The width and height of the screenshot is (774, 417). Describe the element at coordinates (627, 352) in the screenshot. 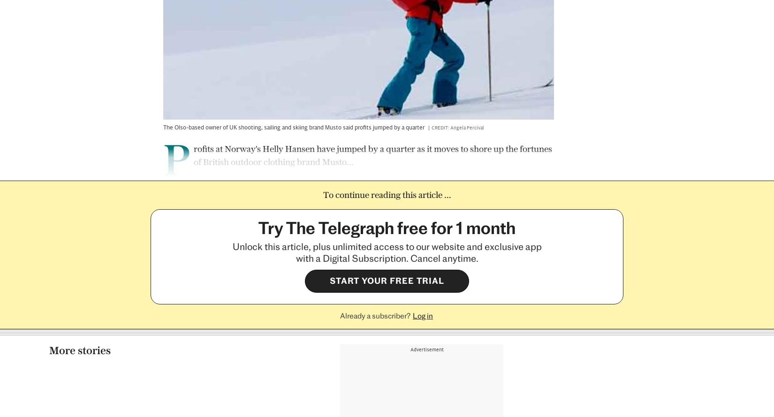

I see `'Szu Ping Chan'` at that location.